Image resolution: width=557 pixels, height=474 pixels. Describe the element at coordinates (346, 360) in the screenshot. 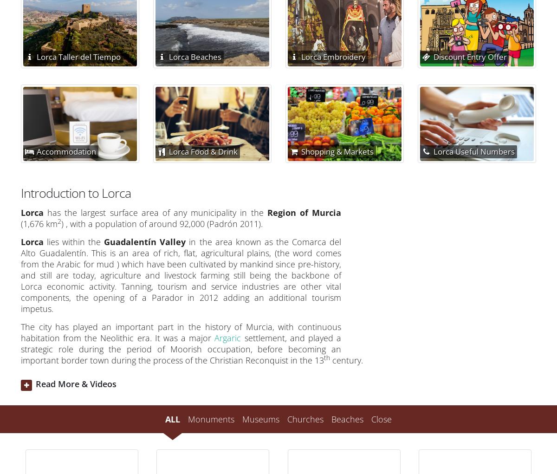

I see `'century.'` at that location.